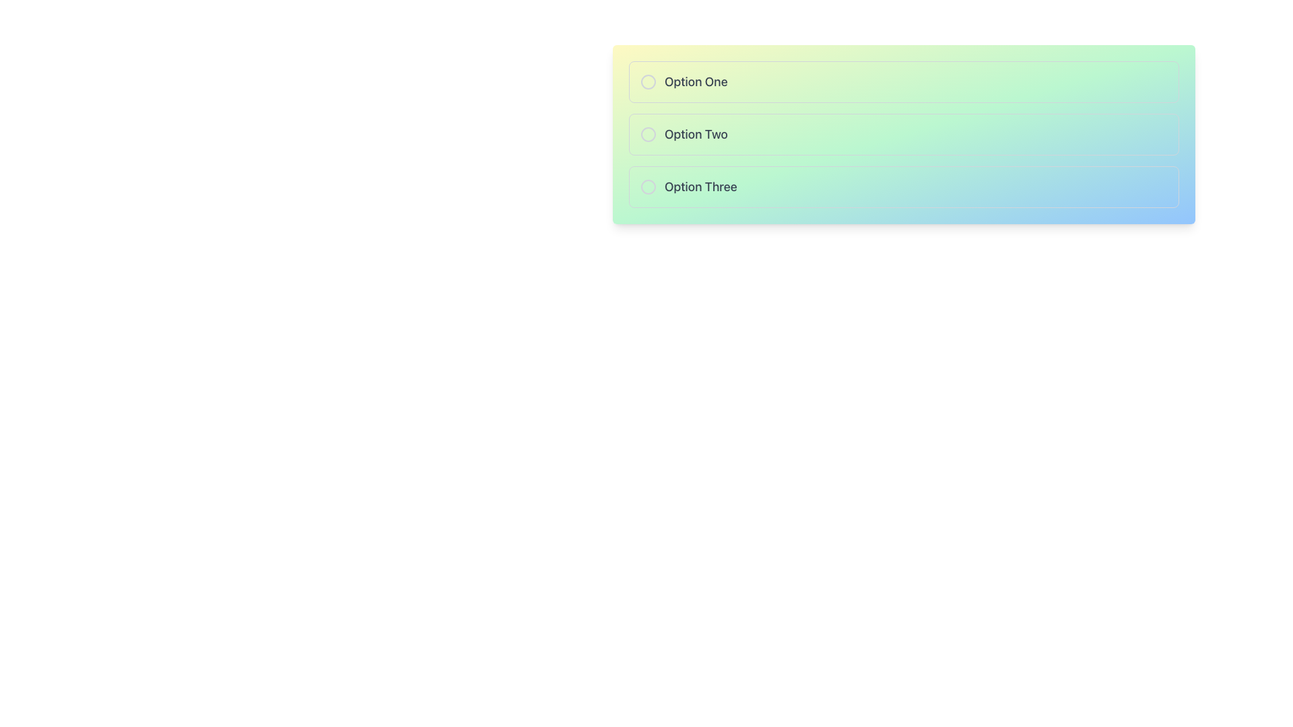  Describe the element at coordinates (904, 135) in the screenshot. I see `the second selectable option with a radio button, positioned centrally between 'Option One' and 'Option Three', to apply hover effects` at that location.